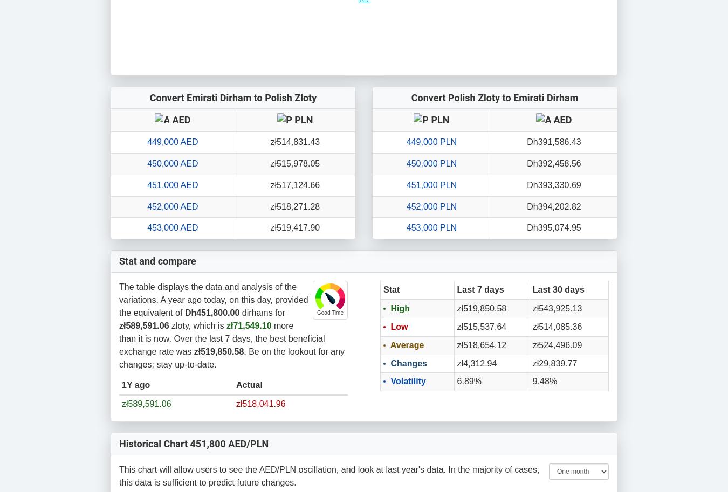  Describe the element at coordinates (248, 325) in the screenshot. I see `'zł71,549.10'` at that location.